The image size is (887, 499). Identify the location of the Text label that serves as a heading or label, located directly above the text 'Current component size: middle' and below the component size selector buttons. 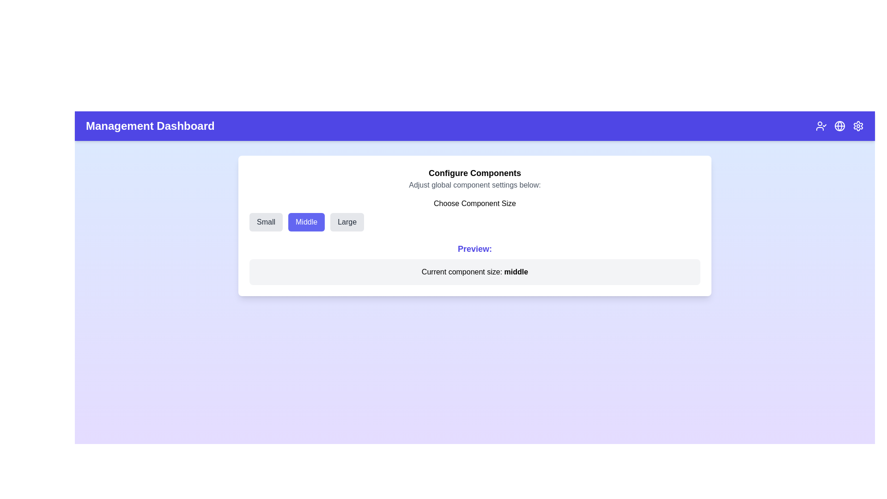
(474, 249).